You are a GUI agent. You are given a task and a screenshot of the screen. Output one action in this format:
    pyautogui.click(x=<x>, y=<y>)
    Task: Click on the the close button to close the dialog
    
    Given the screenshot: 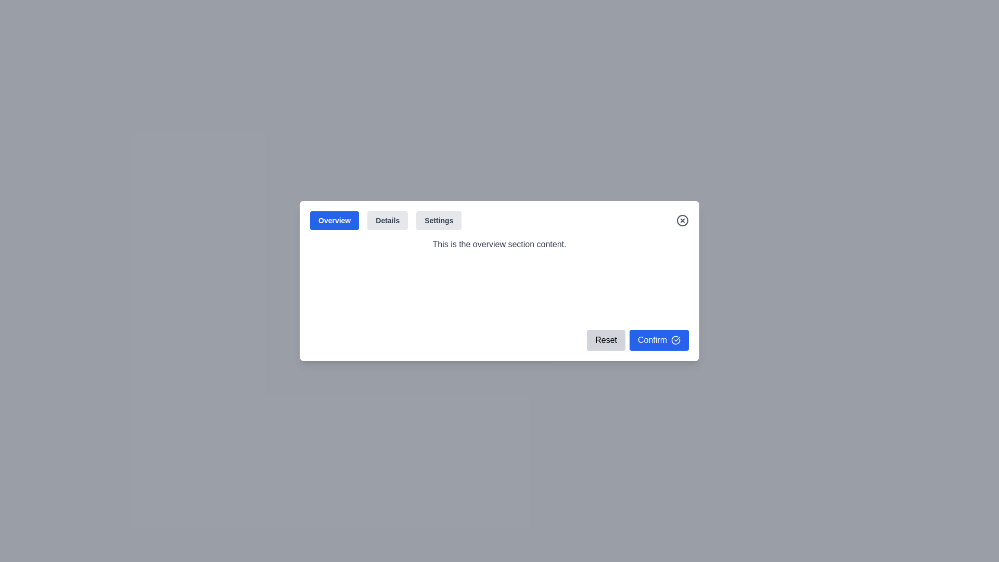 What is the action you would take?
    pyautogui.click(x=682, y=220)
    